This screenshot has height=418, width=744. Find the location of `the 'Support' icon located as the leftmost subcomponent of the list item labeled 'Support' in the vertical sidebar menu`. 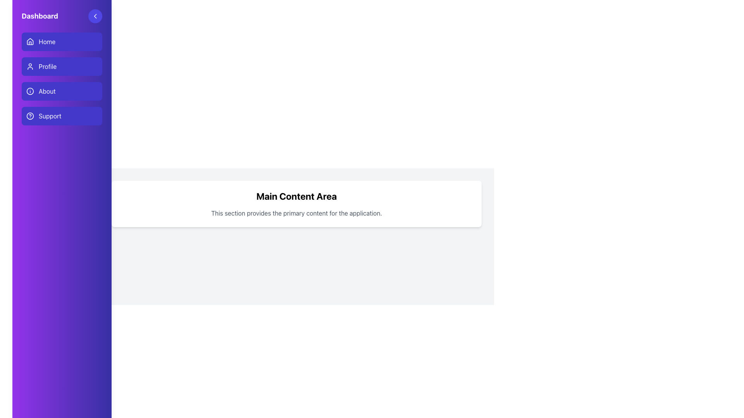

the 'Support' icon located as the leftmost subcomponent of the list item labeled 'Support' in the vertical sidebar menu is located at coordinates (30, 116).